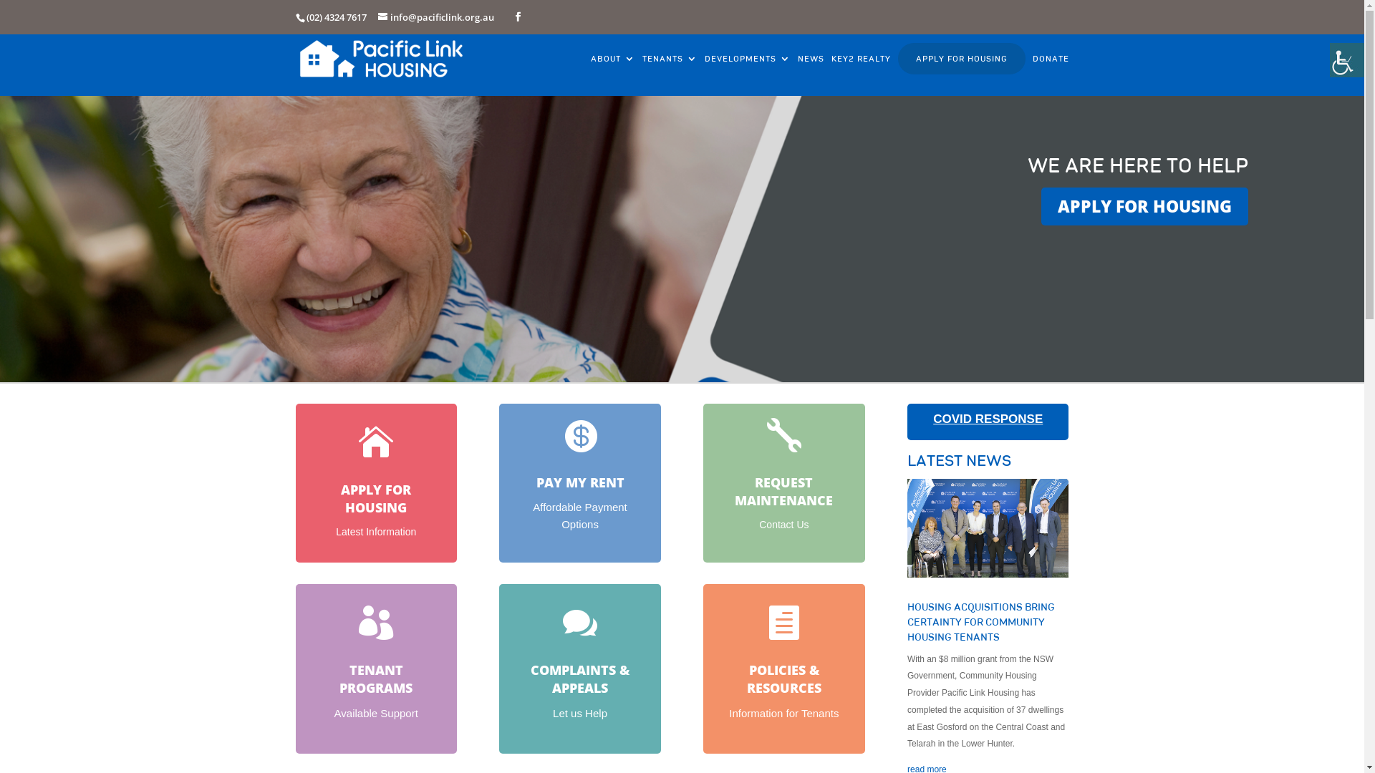 Image resolution: width=1375 pixels, height=773 pixels. What do you see at coordinates (735, 490) in the screenshot?
I see `'REQUEST MAINTENANCE'` at bounding box center [735, 490].